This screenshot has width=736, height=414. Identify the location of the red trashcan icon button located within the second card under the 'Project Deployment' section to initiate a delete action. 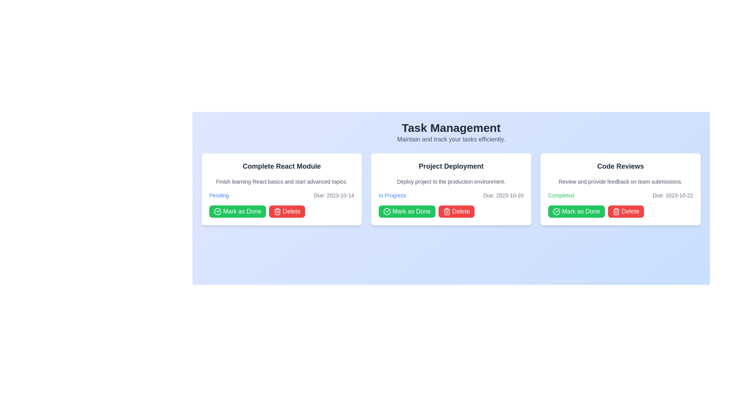
(447, 212).